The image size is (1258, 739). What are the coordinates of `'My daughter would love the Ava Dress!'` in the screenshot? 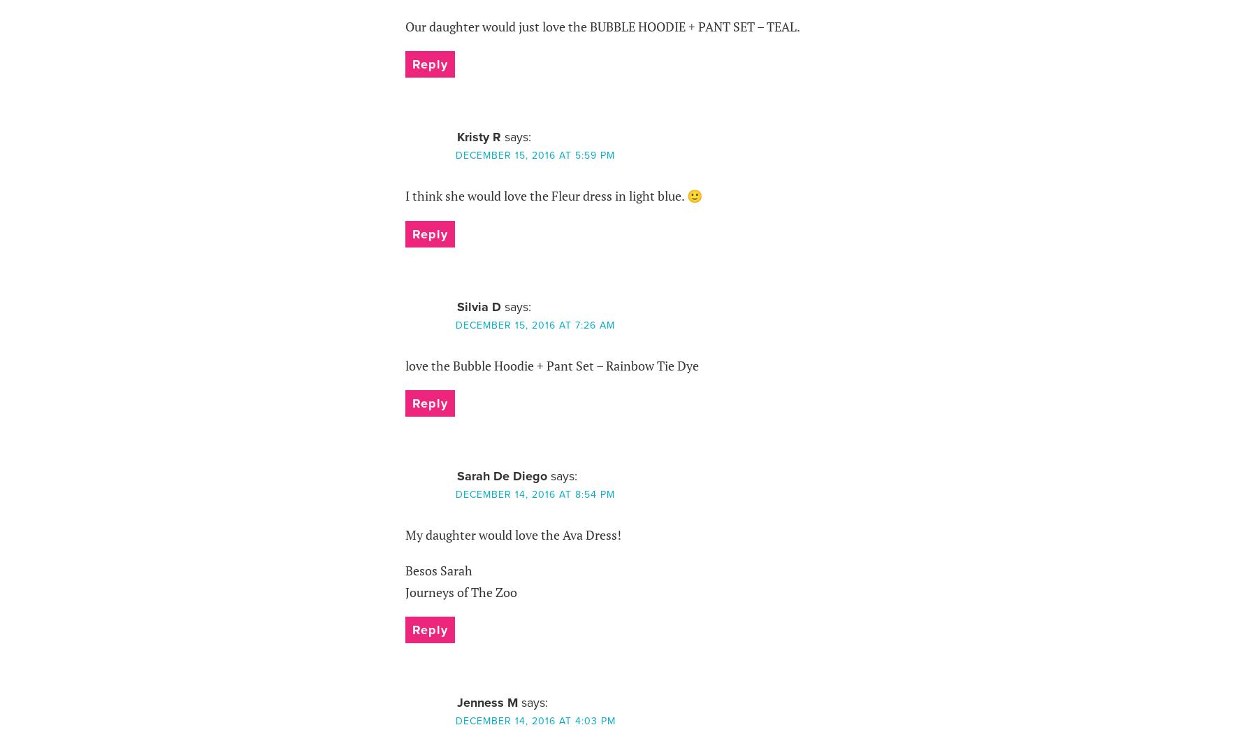 It's located at (512, 534).